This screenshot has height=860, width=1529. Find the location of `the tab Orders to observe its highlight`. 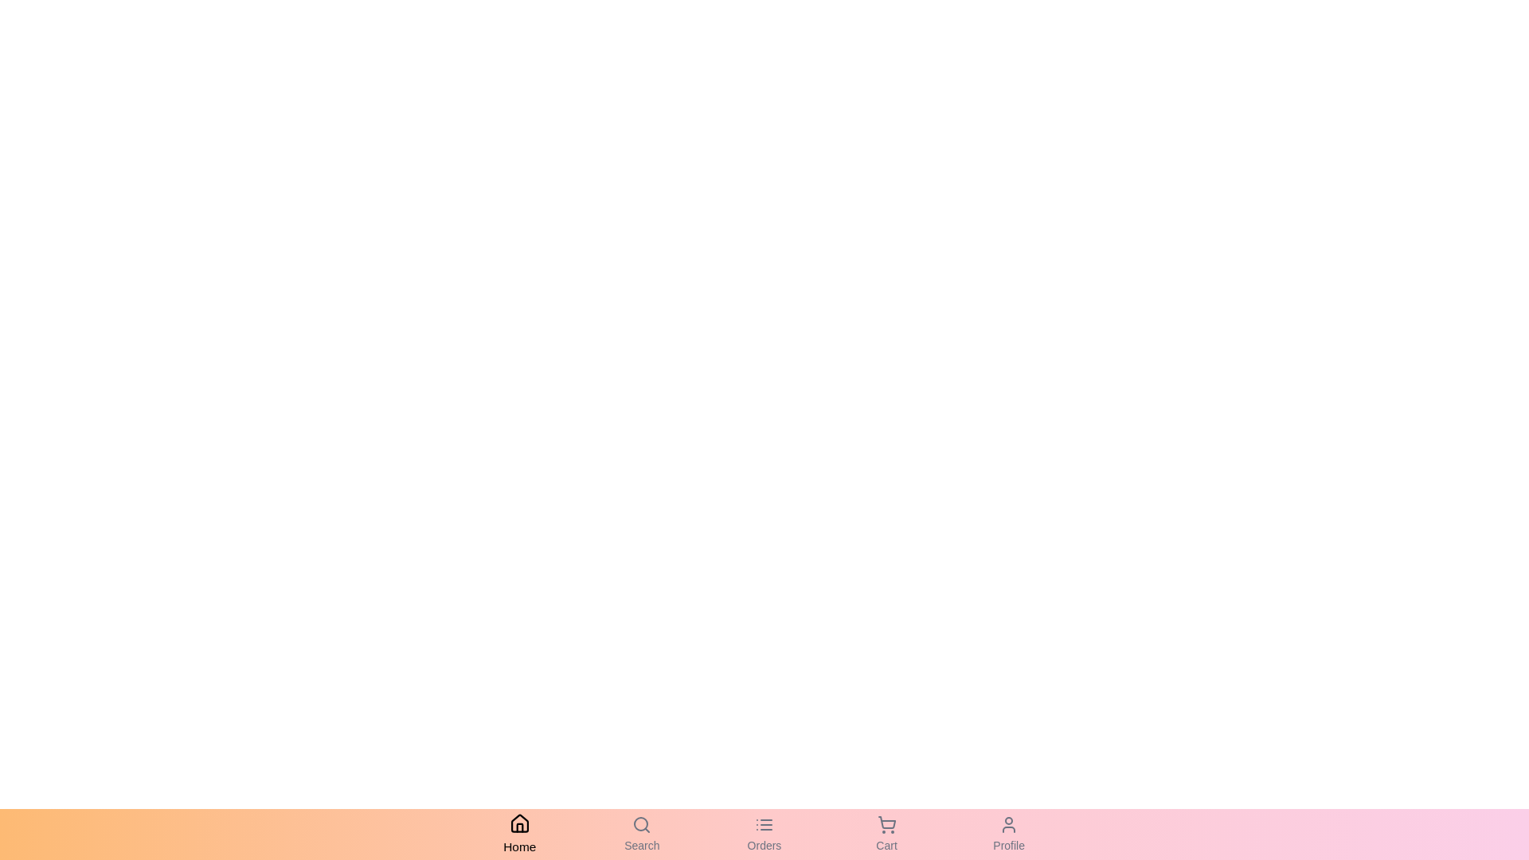

the tab Orders to observe its highlight is located at coordinates (764, 834).